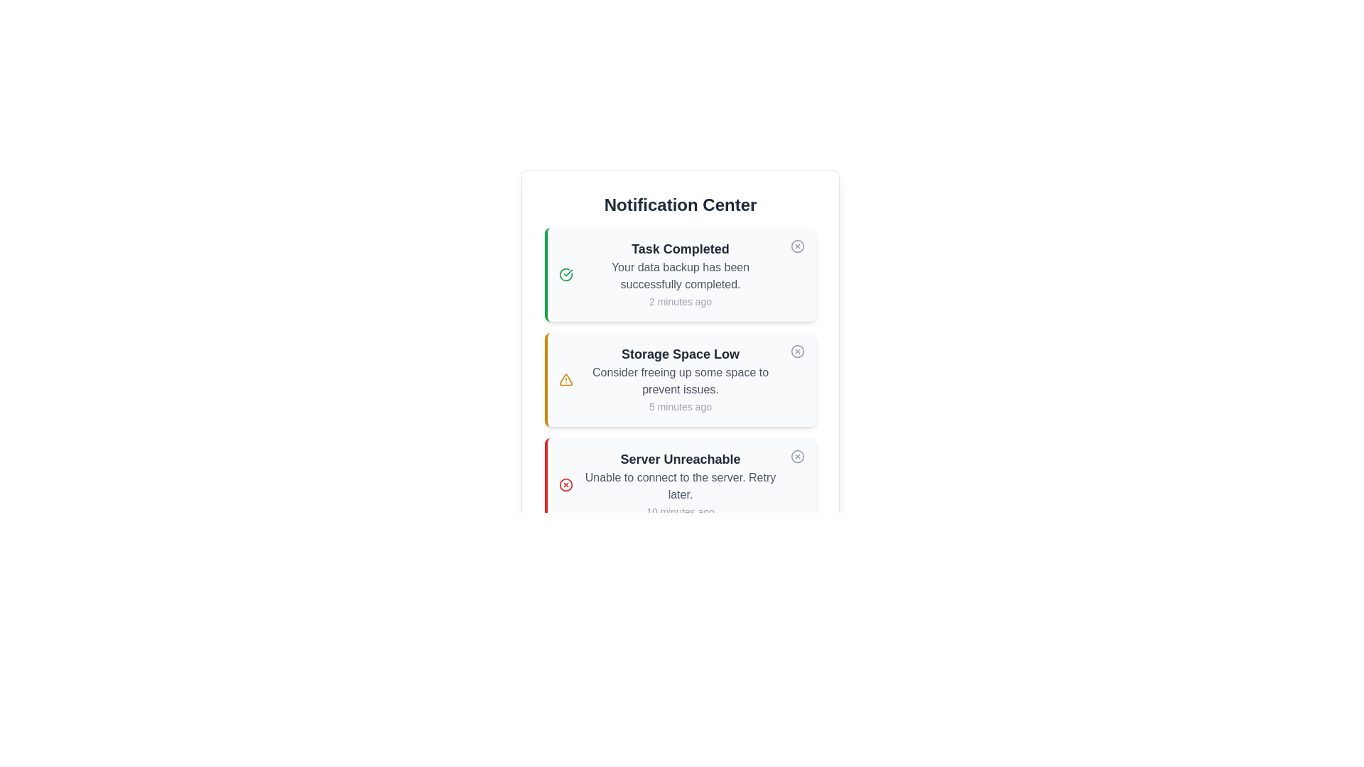 This screenshot has width=1364, height=767. What do you see at coordinates (668, 484) in the screenshot?
I see `the Informational notification panel displaying 'Server Unreachable', which includes a circular red warning icon and a subtitle about server connection issues` at bounding box center [668, 484].